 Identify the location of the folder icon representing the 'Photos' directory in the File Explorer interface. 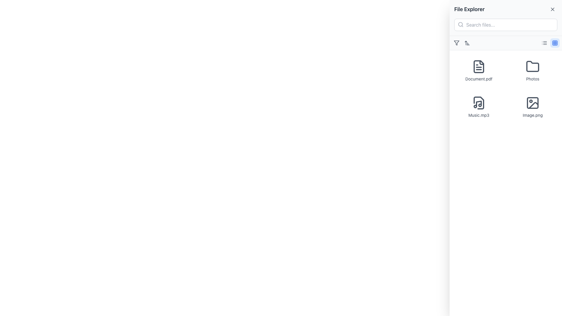
(532, 66).